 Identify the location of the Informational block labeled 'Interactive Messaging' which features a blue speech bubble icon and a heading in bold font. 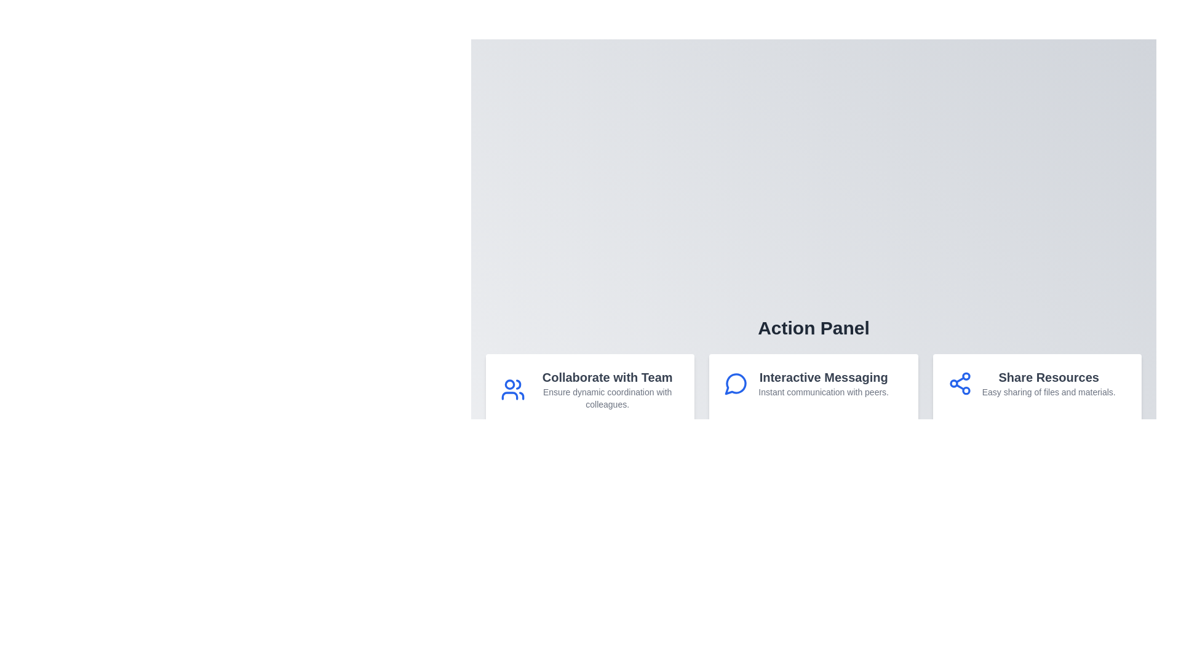
(814, 383).